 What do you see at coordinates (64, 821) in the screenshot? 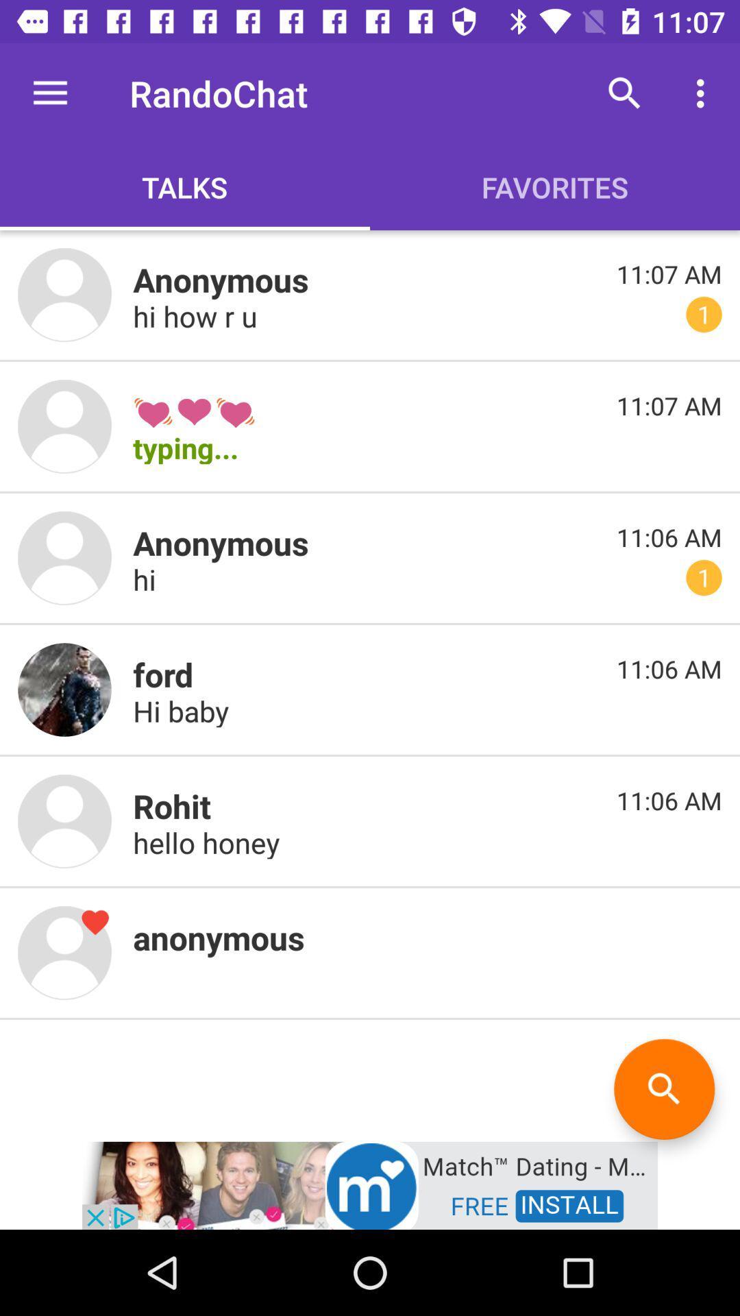
I see `profile` at bounding box center [64, 821].